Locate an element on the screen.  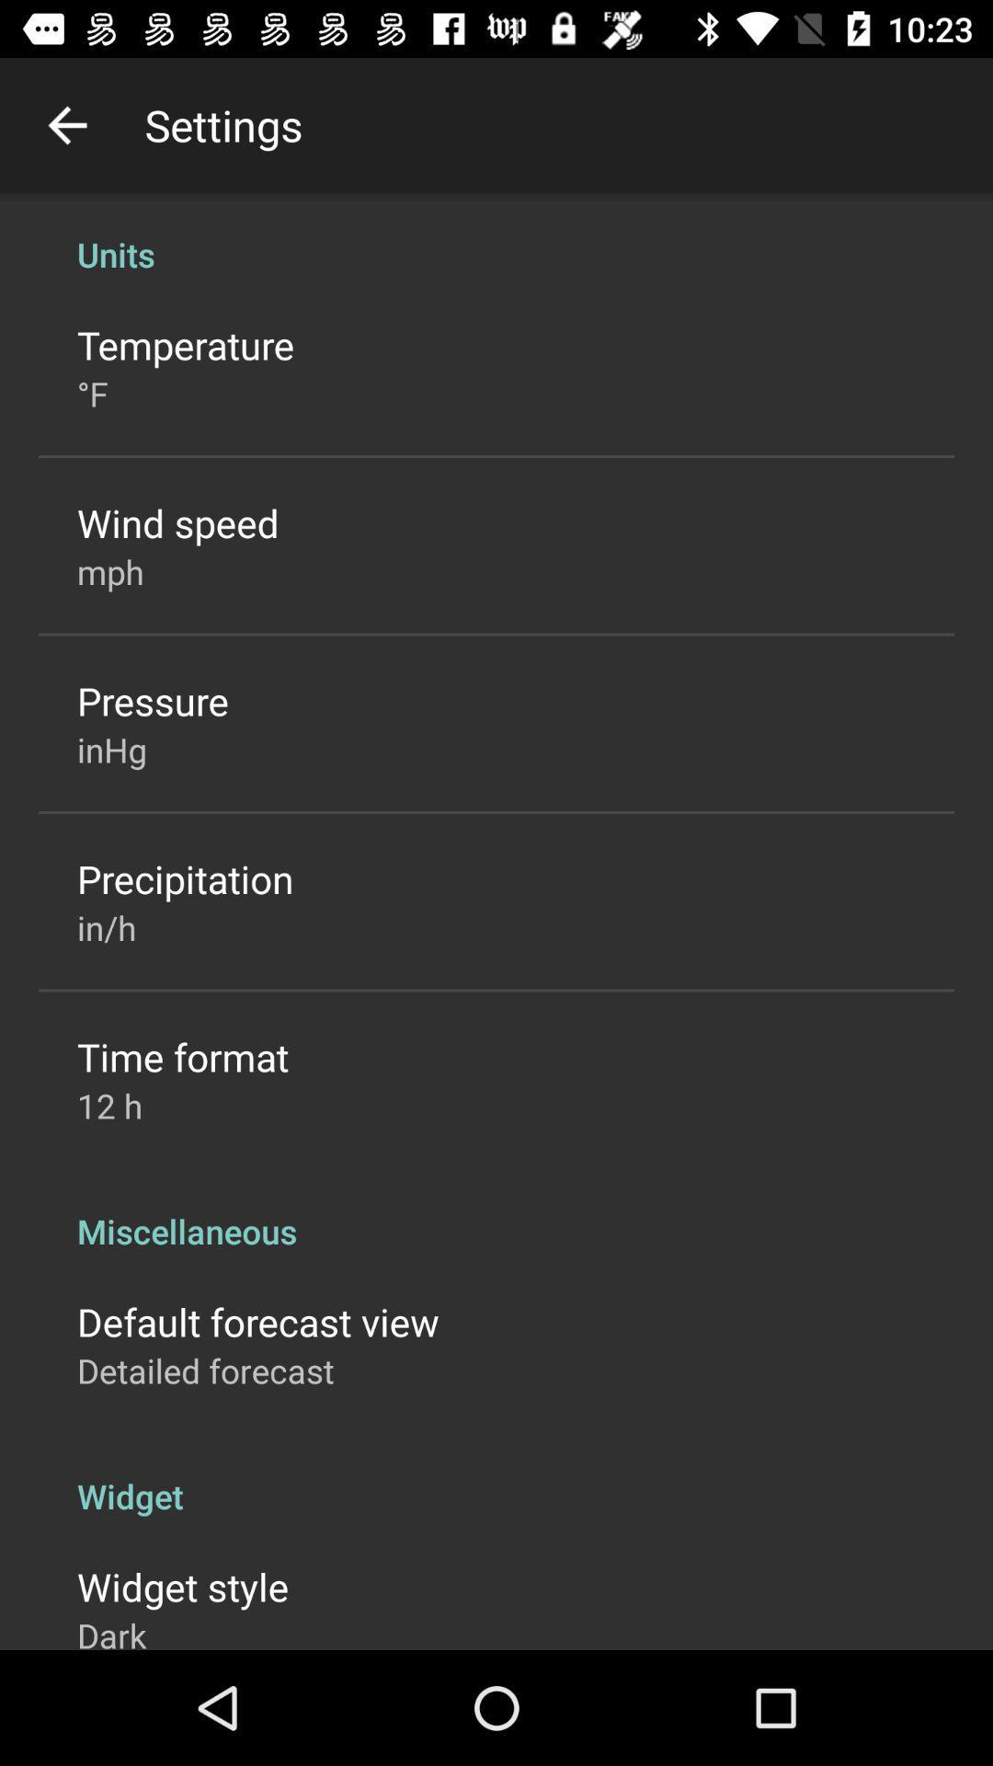
item below temperature icon is located at coordinates (92, 393).